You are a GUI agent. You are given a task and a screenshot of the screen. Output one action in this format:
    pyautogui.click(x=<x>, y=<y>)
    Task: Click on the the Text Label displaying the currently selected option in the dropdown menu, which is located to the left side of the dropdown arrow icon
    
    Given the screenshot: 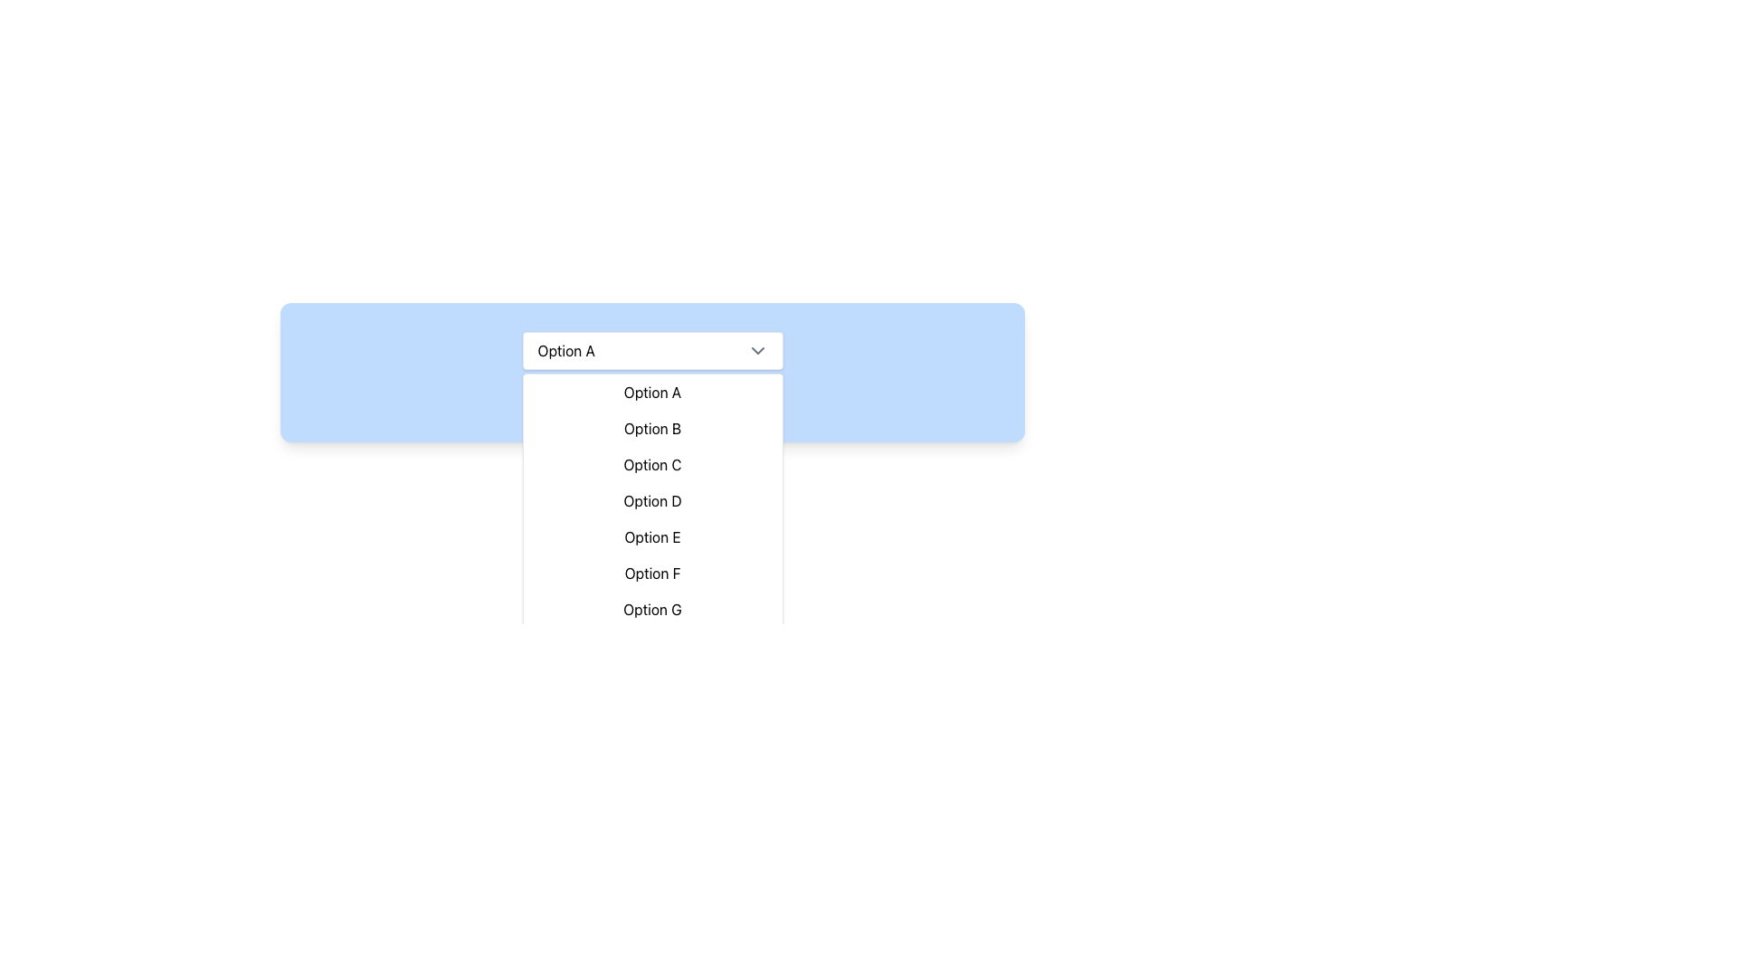 What is the action you would take?
    pyautogui.click(x=565, y=351)
    